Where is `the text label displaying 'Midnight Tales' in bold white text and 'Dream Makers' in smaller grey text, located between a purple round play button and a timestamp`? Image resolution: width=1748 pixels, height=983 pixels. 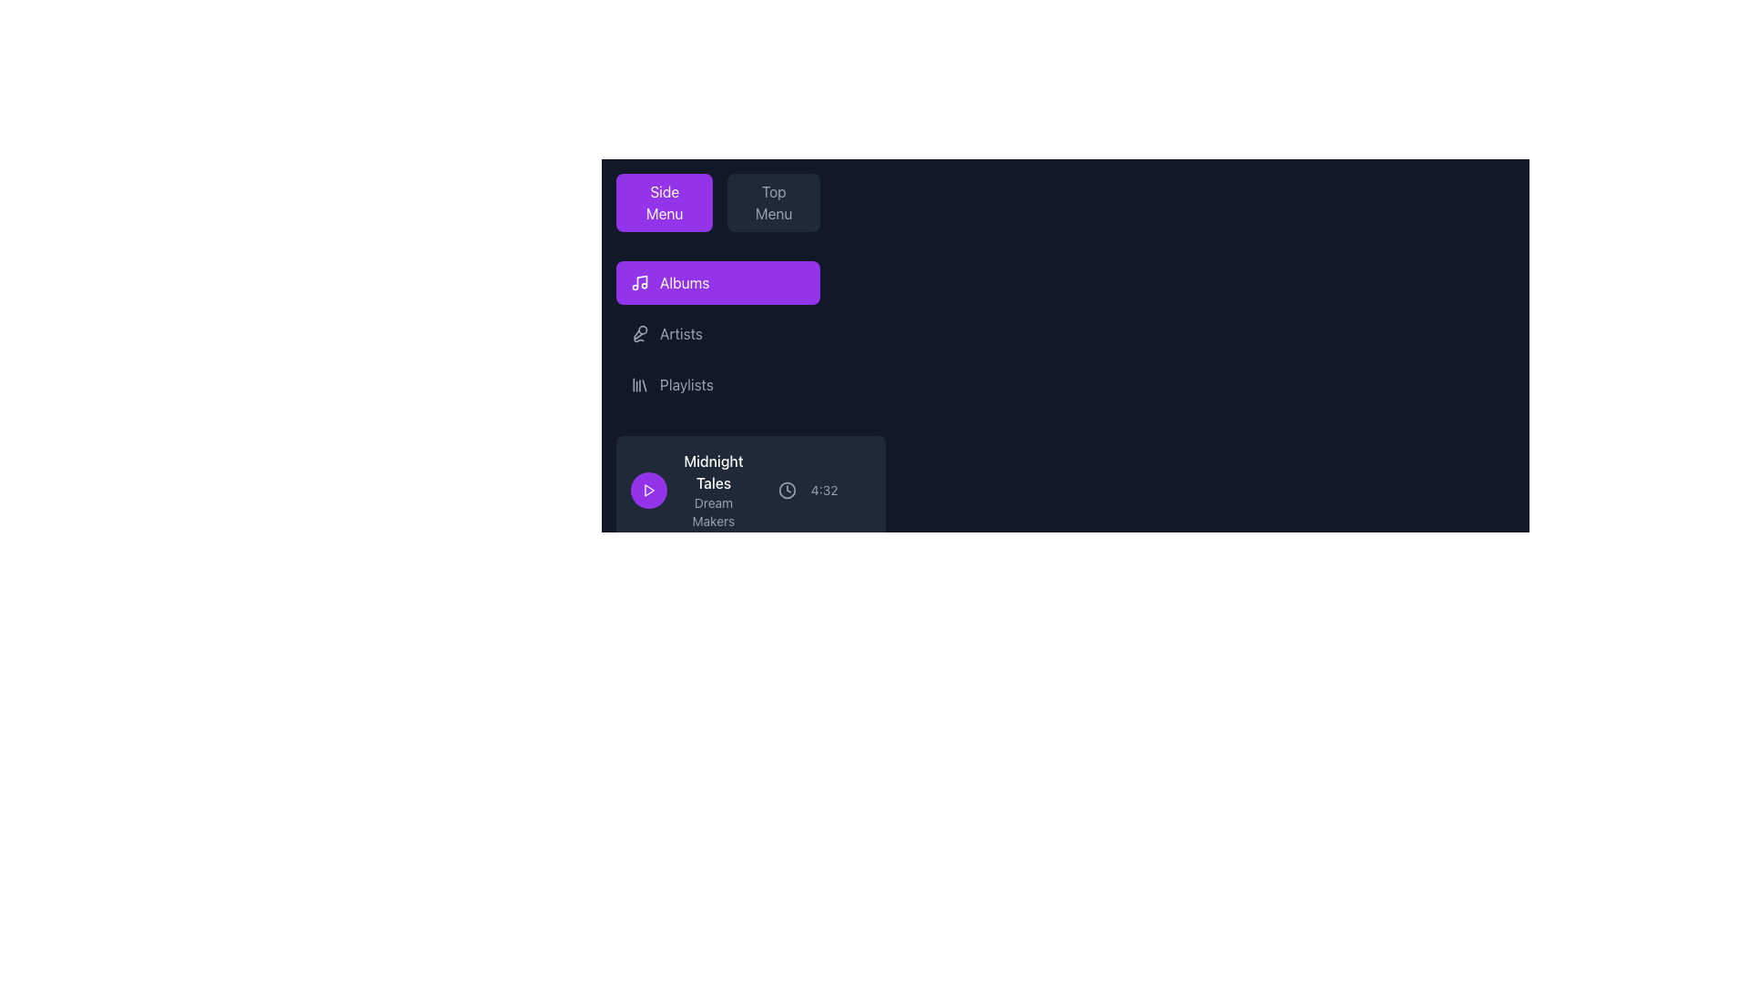
the text label displaying 'Midnight Tales' in bold white text and 'Dream Makers' in smaller grey text, located between a purple round play button and a timestamp is located at coordinates (686, 490).